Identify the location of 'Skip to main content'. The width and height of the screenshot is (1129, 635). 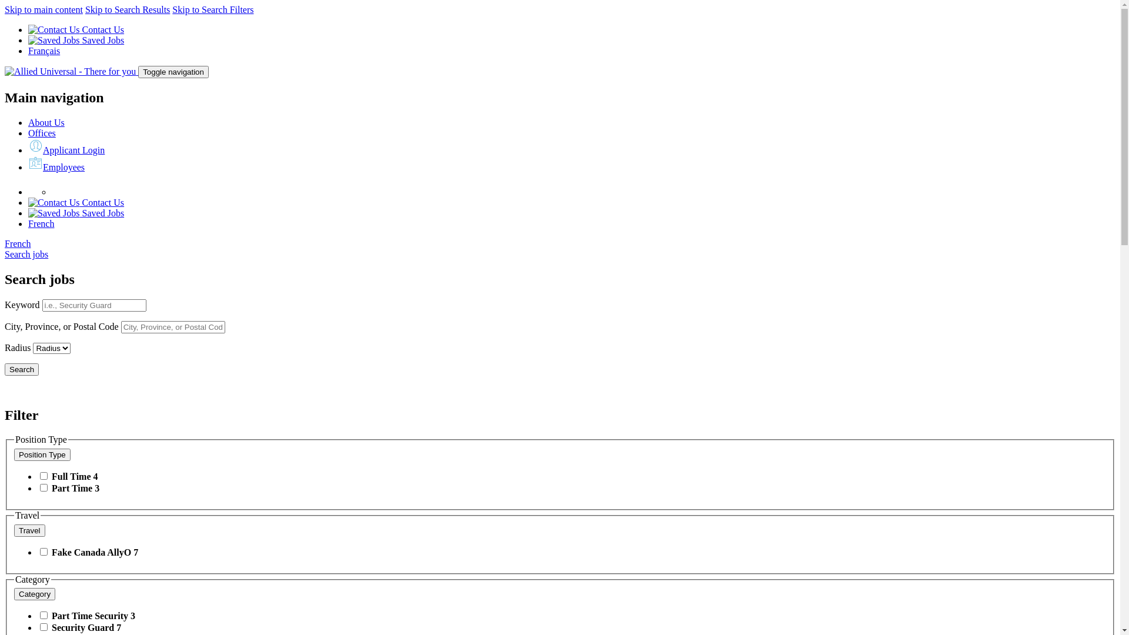
(44, 9).